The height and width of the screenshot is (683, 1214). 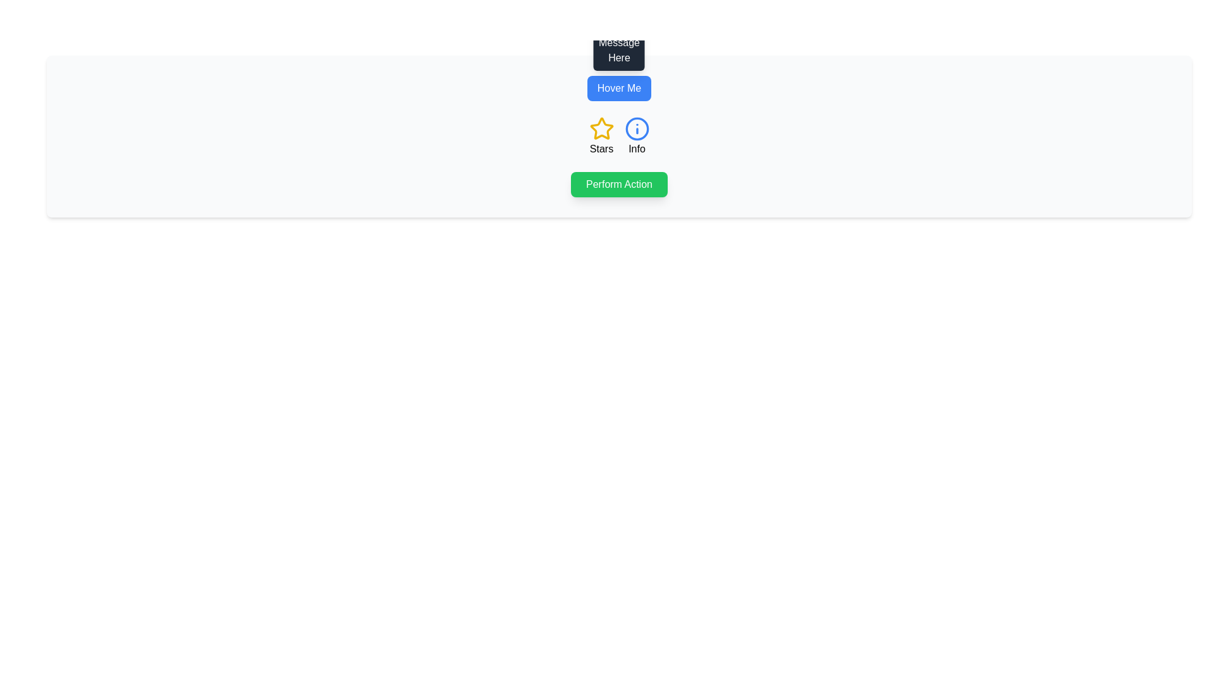 What do you see at coordinates (637, 129) in the screenshot?
I see `the informational Circle element, which is part of the 'Info' icon located to the right of the 'Stars' icon and beneath the 'Hover Me' blue button` at bounding box center [637, 129].